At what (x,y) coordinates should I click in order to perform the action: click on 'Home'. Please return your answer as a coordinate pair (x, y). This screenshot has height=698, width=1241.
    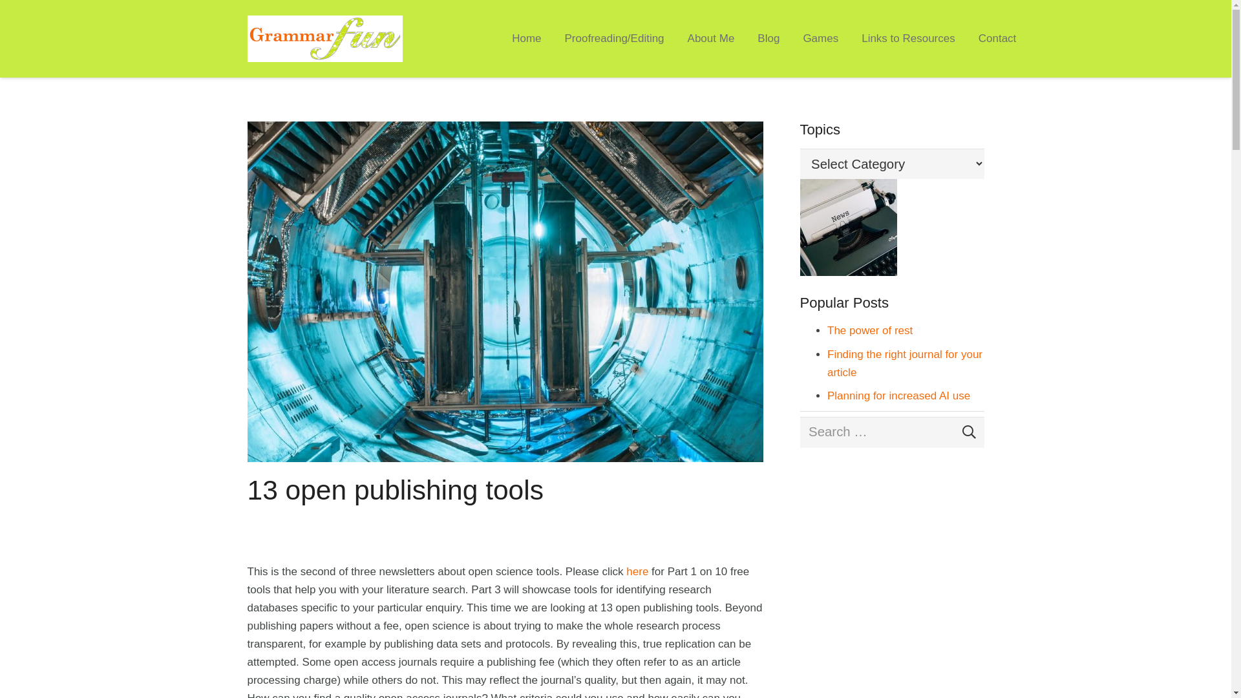
    Looking at the image, I should click on (526, 38).